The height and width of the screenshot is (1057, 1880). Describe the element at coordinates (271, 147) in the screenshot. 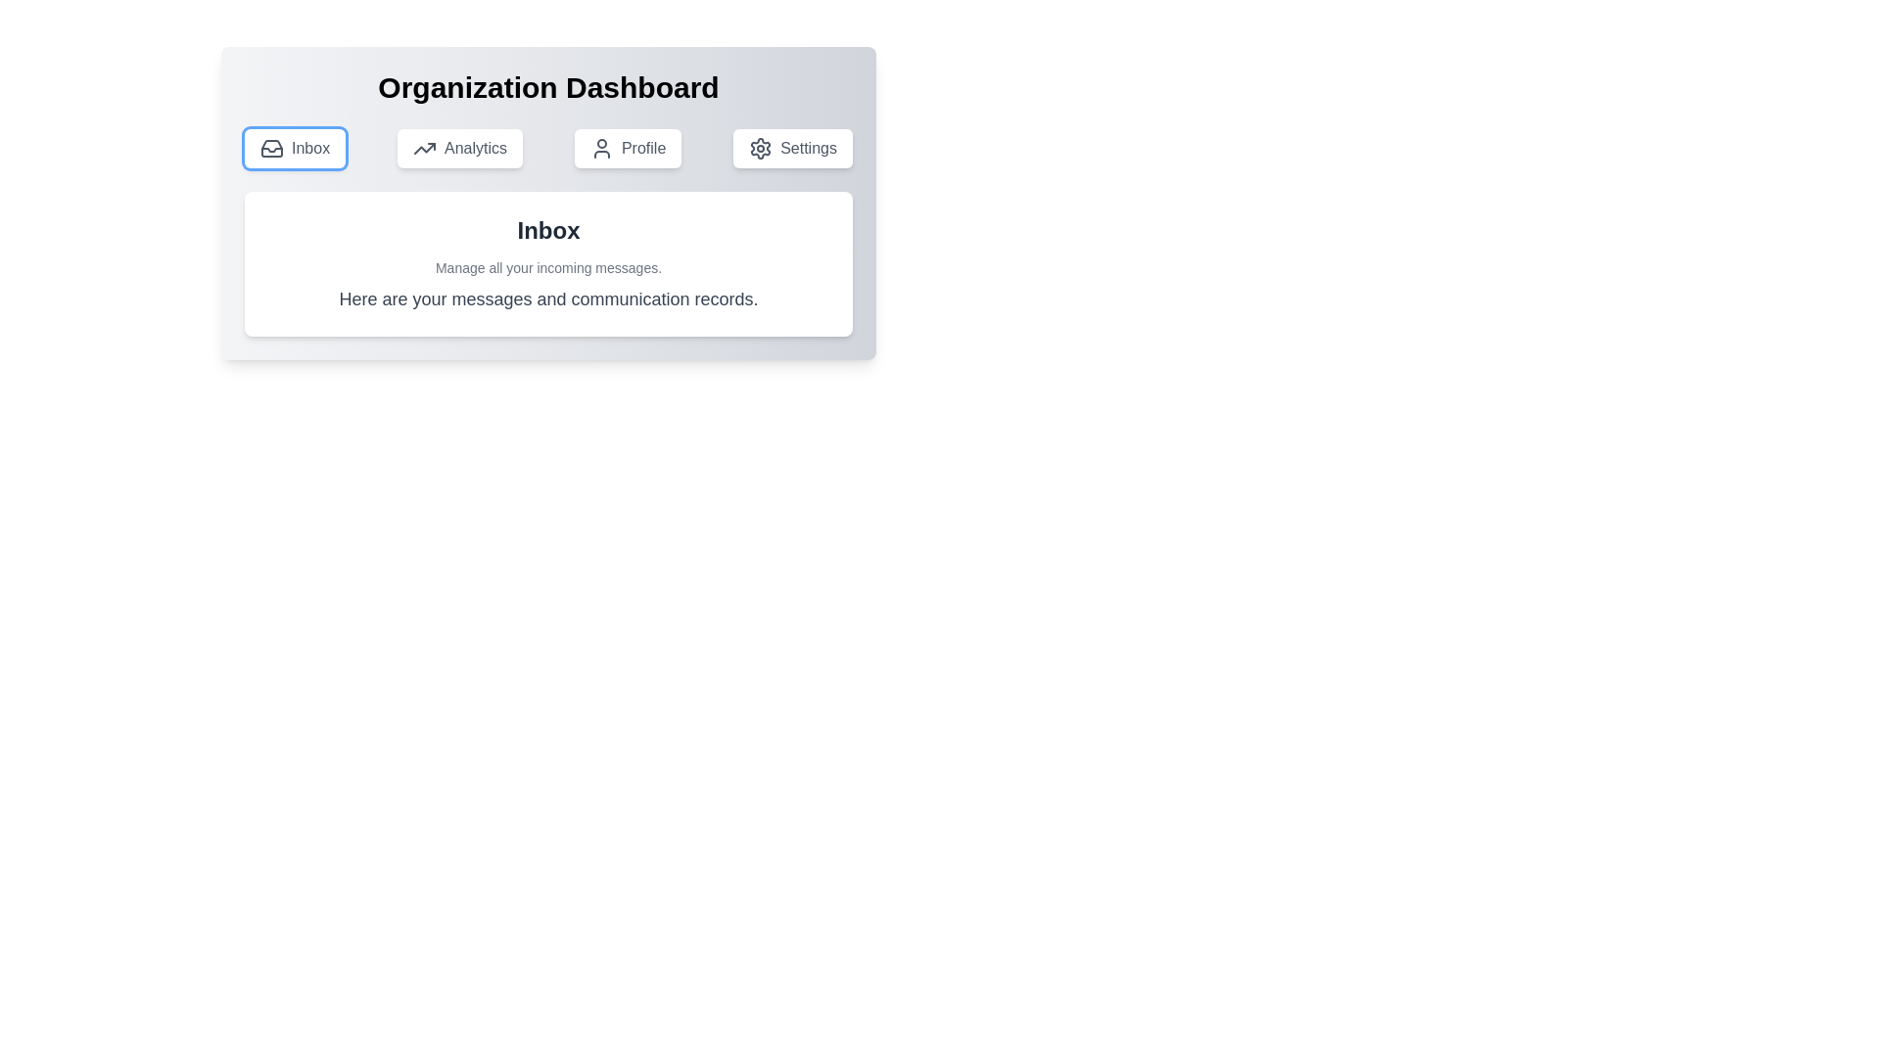

I see `the inbox icon located in the navigation bar` at that location.